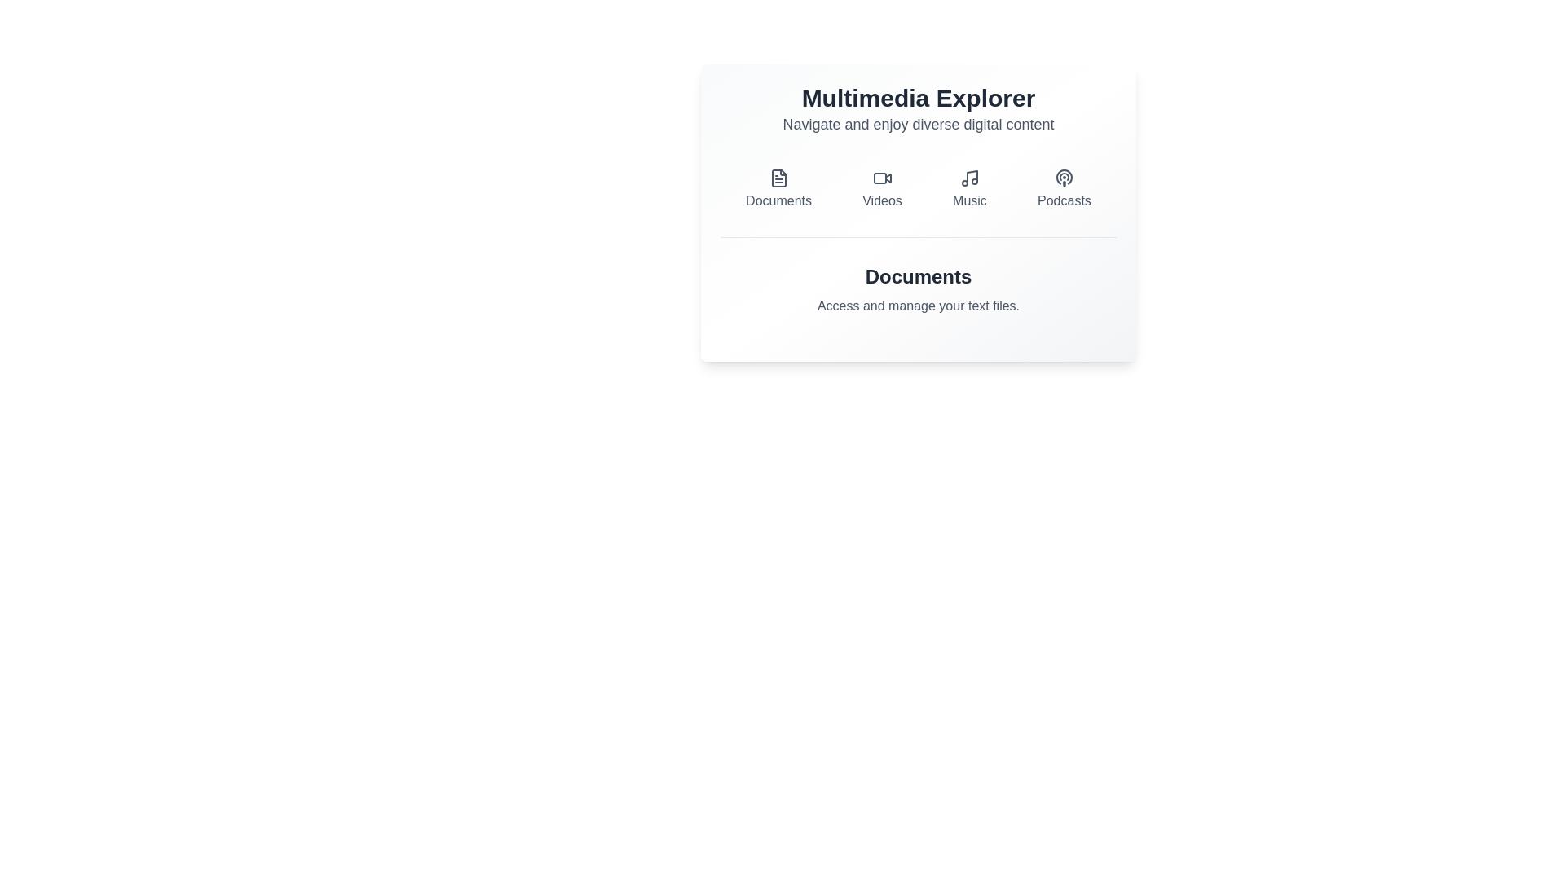 This screenshot has height=880, width=1565. Describe the element at coordinates (881, 188) in the screenshot. I see `the Videos button to switch to the corresponding tab` at that location.